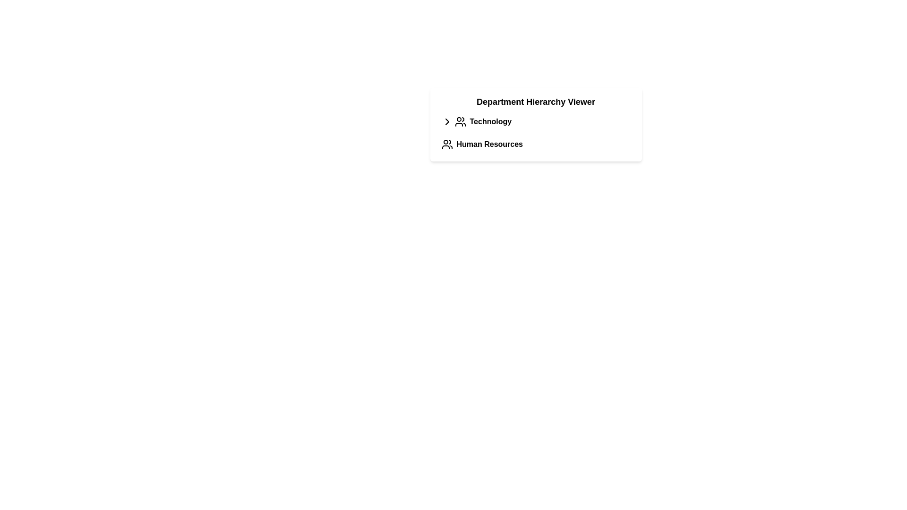 The height and width of the screenshot is (510, 907). I want to click on the Text Label that serves as a title for the 'Technology' department entry in the hierarchy viewer, which is located directly above the 'Human Resources' department entry, so click(490, 121).